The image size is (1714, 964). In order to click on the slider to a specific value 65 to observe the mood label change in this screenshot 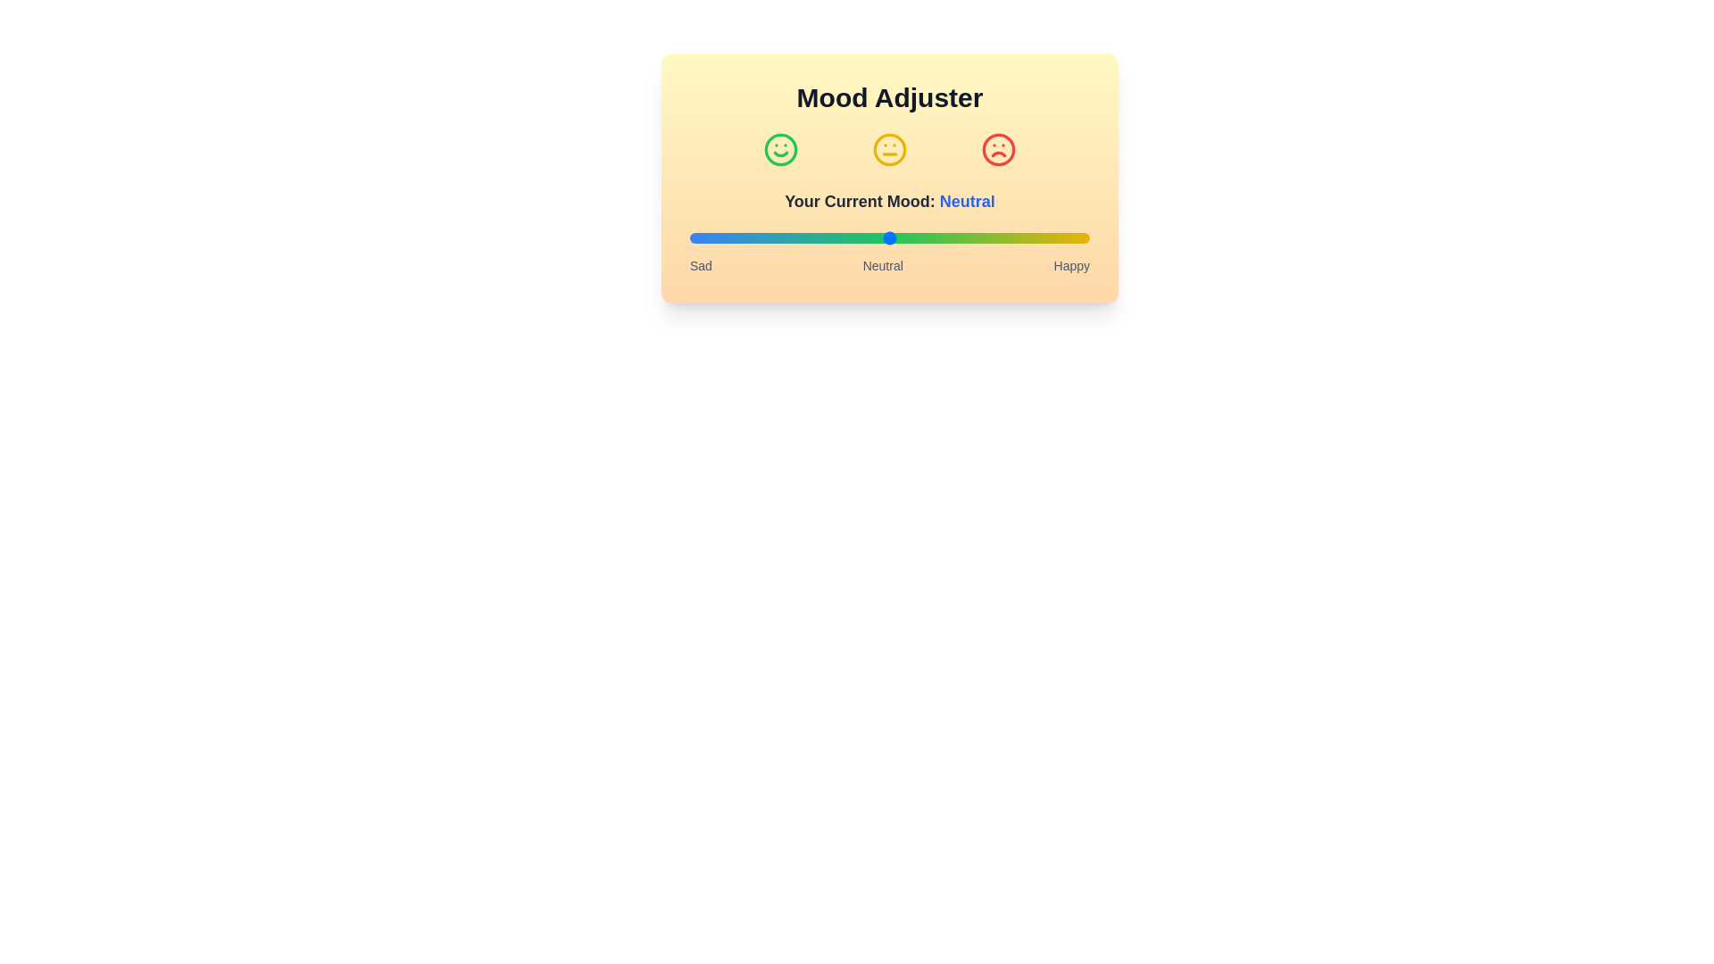, I will do `click(949, 237)`.